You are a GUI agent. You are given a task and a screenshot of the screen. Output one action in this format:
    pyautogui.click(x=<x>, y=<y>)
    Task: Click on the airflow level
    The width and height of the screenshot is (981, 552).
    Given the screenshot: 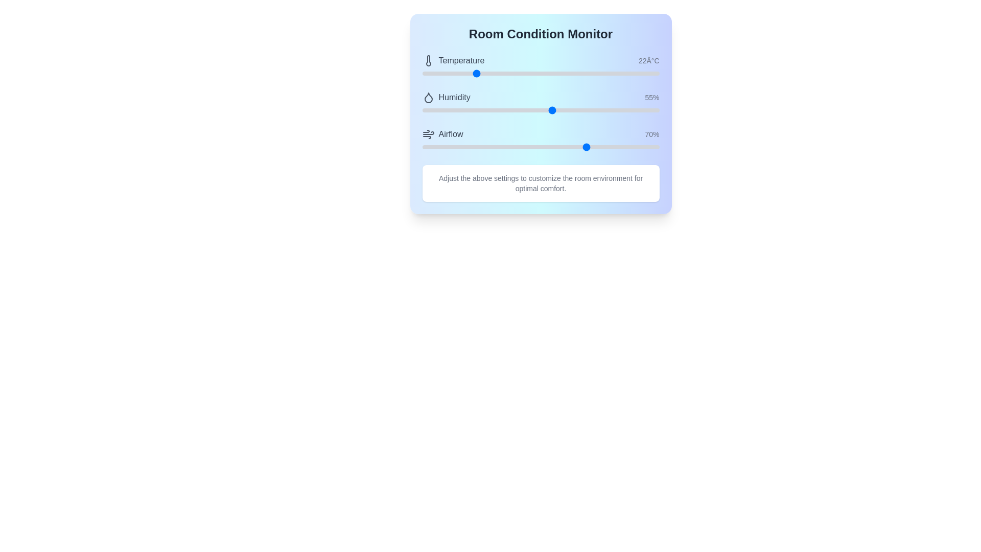 What is the action you would take?
    pyautogui.click(x=621, y=147)
    